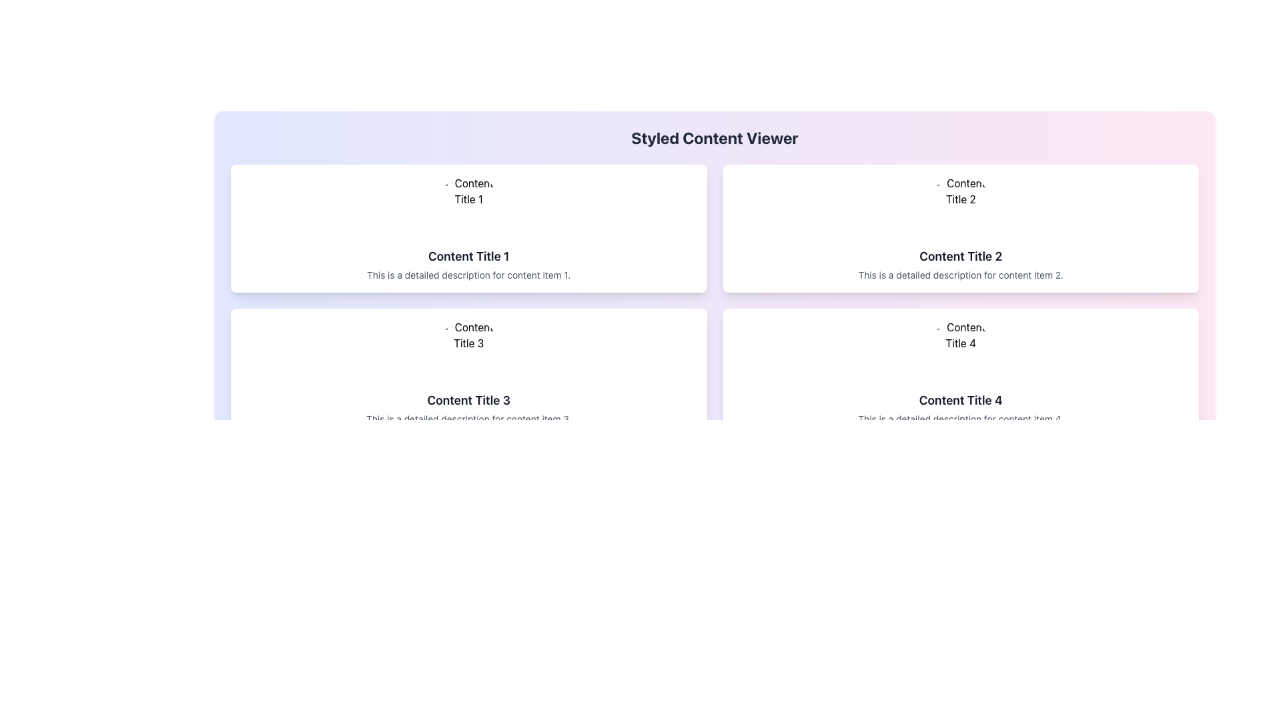 The height and width of the screenshot is (720, 1281). I want to click on the image representing 'Content Title 4' located in the bottom-right box of a four-box grid layout, centered above the corresponding text, so click(961, 351).